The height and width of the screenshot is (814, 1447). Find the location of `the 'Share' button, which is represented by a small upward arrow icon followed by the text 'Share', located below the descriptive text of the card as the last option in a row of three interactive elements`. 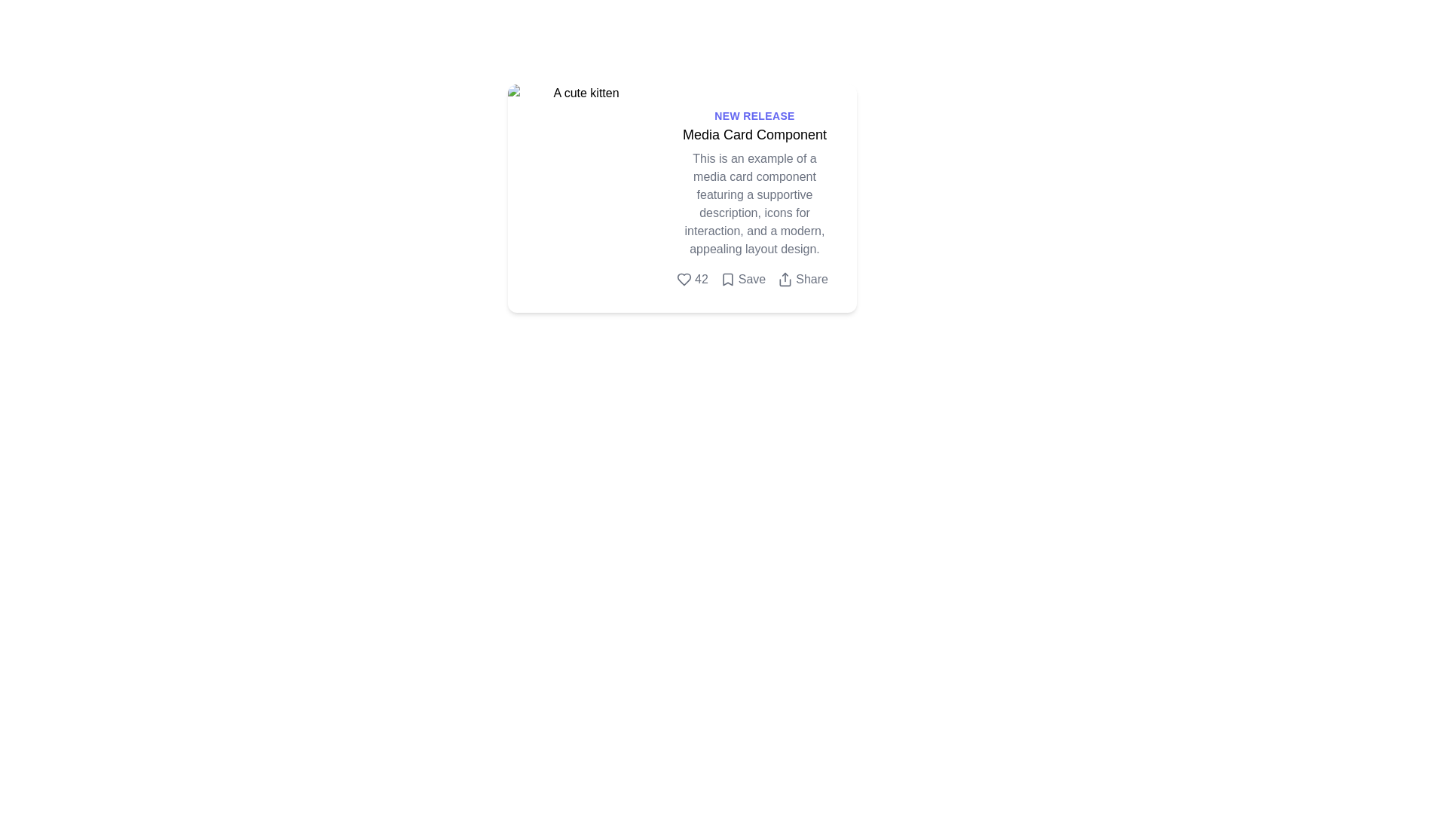

the 'Share' button, which is represented by a small upward arrow icon followed by the text 'Share', located below the descriptive text of the card as the last option in a row of three interactive elements is located at coordinates (802, 279).